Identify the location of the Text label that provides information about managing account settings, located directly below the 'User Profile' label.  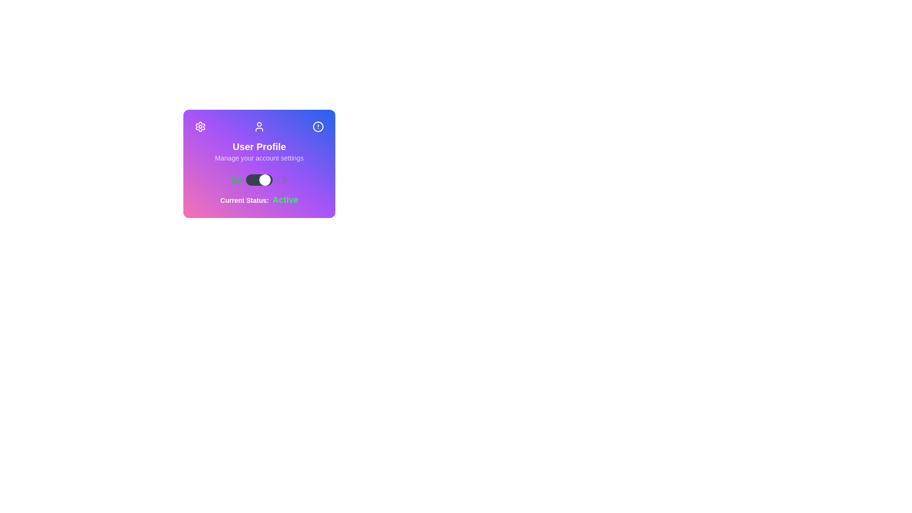
(259, 157).